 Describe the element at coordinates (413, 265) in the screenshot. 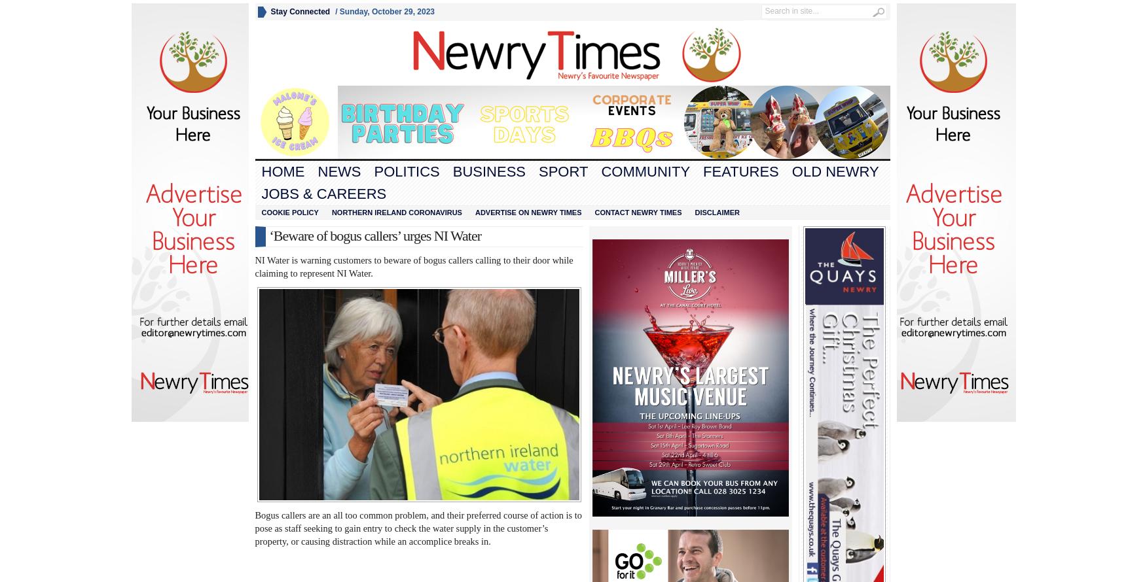

I see `'NI Water is warning customers to beware of bogus callers calling to their door while claiming to represent NI Water.'` at that location.